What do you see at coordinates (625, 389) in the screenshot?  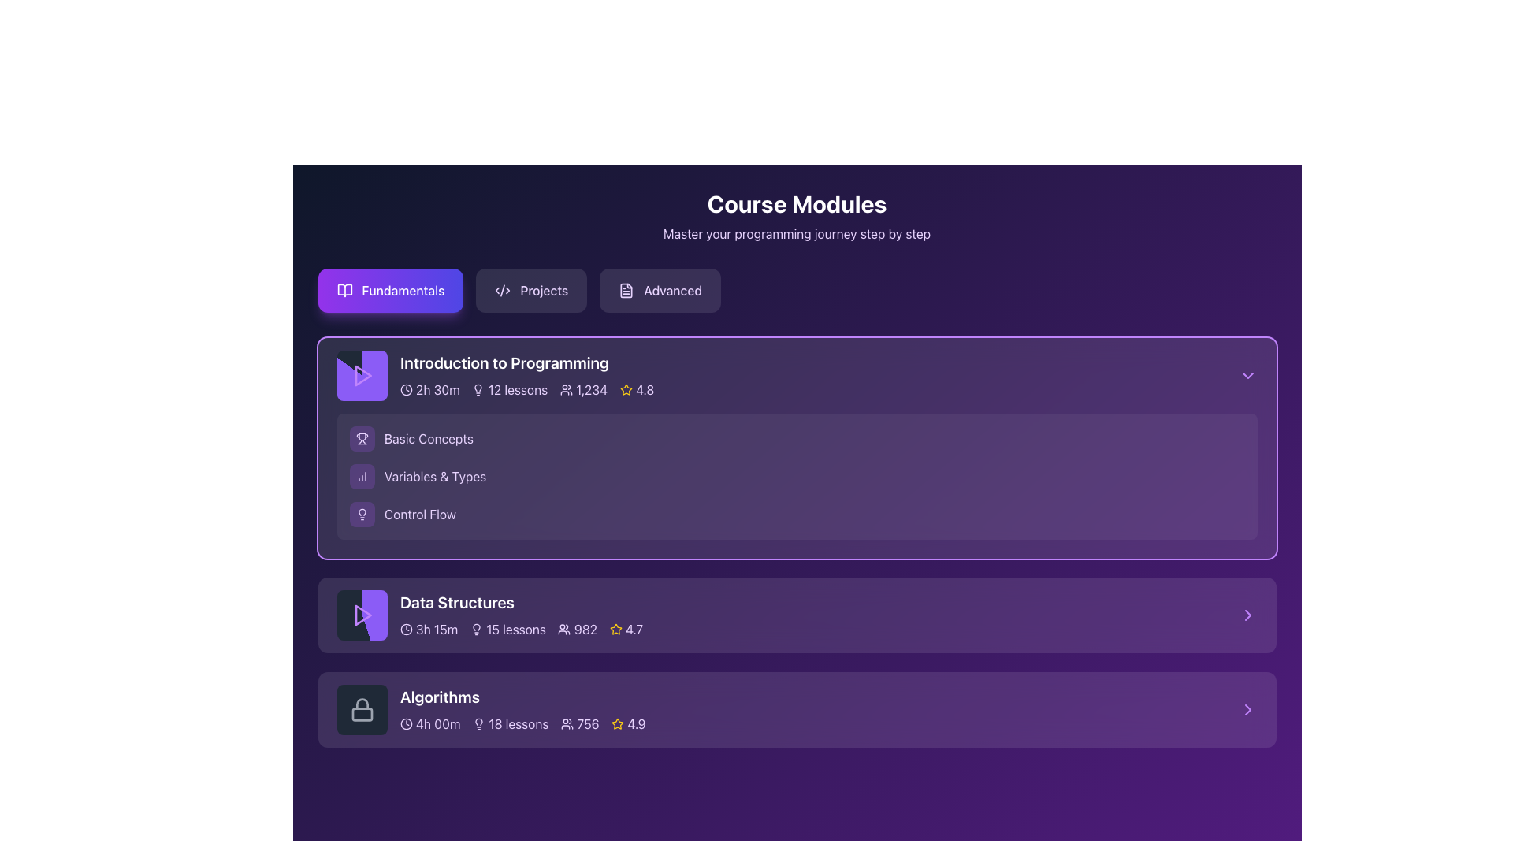 I see `the star icon with rounded edges and yellow coloring, which is associated with ratings or favorites, located next to the numeric rating '4.8' in the 'Introduction to Programming' module at the top section of the course card` at bounding box center [625, 389].